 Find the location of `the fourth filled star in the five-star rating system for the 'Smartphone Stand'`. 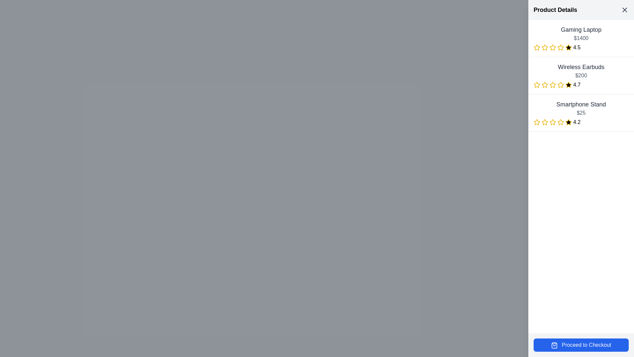

the fourth filled star in the five-star rating system for the 'Smartphone Stand' is located at coordinates (560, 122).